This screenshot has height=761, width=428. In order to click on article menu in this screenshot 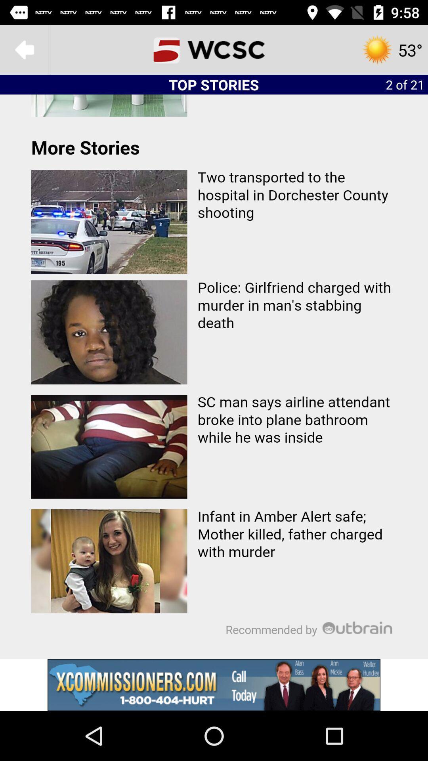, I will do `click(214, 376)`.